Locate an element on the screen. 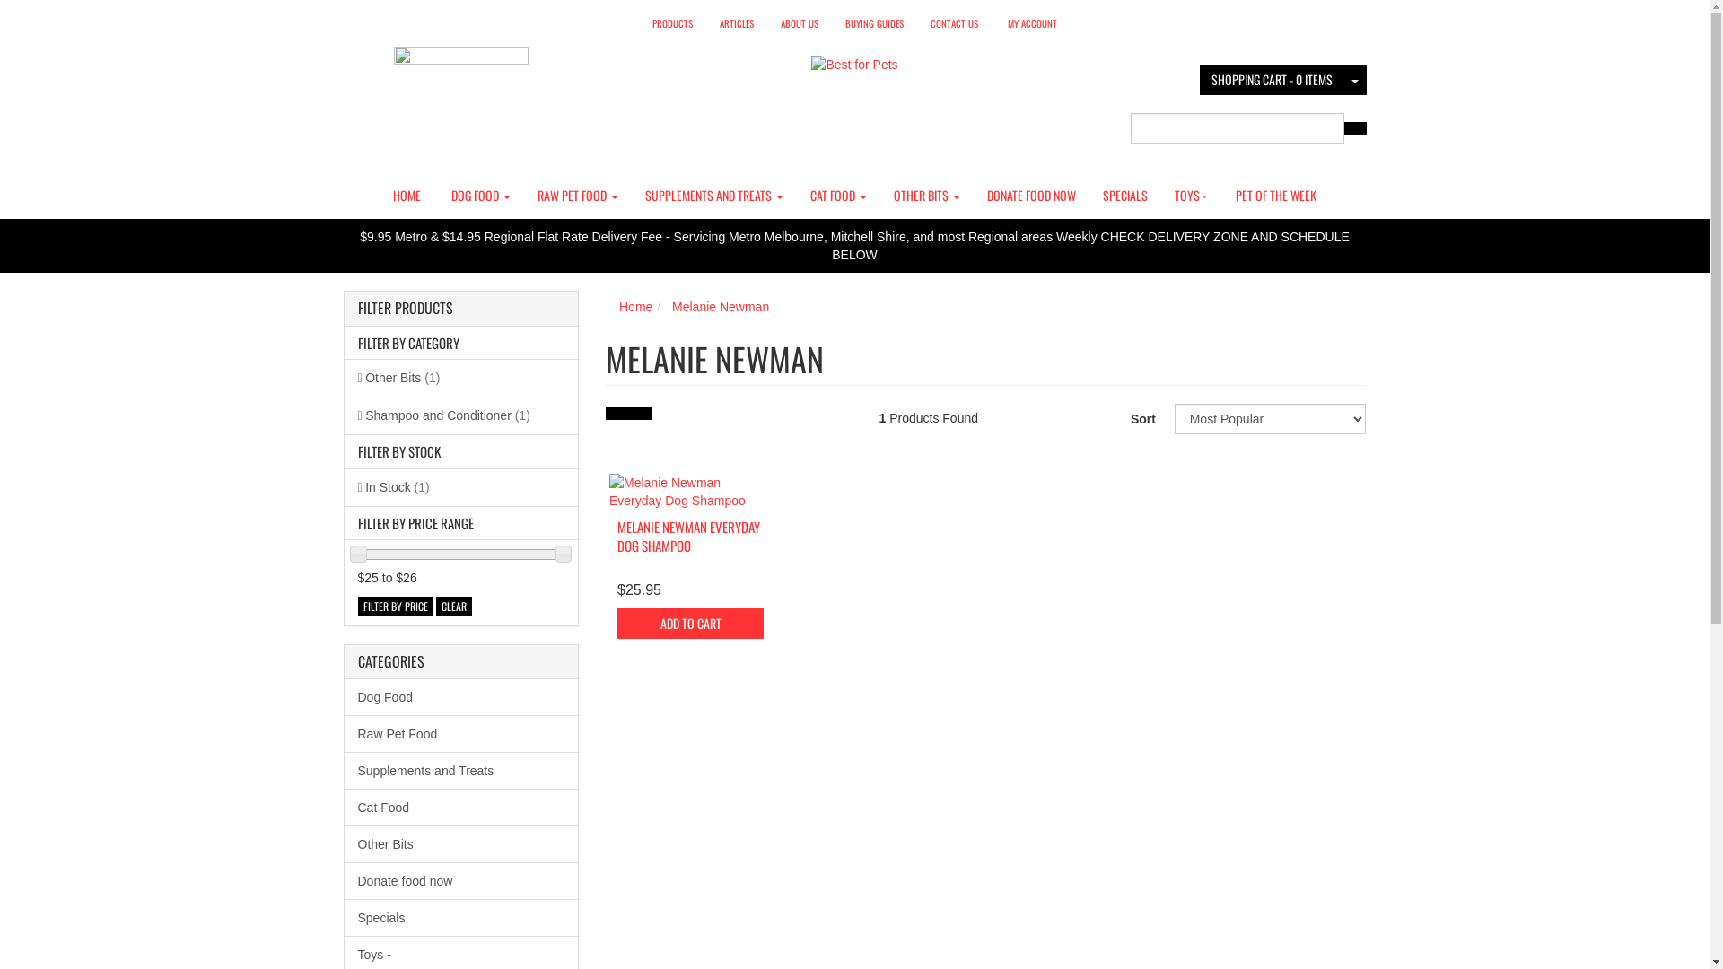 This screenshot has height=969, width=1723. 'TOYS -' is located at coordinates (1190, 196).